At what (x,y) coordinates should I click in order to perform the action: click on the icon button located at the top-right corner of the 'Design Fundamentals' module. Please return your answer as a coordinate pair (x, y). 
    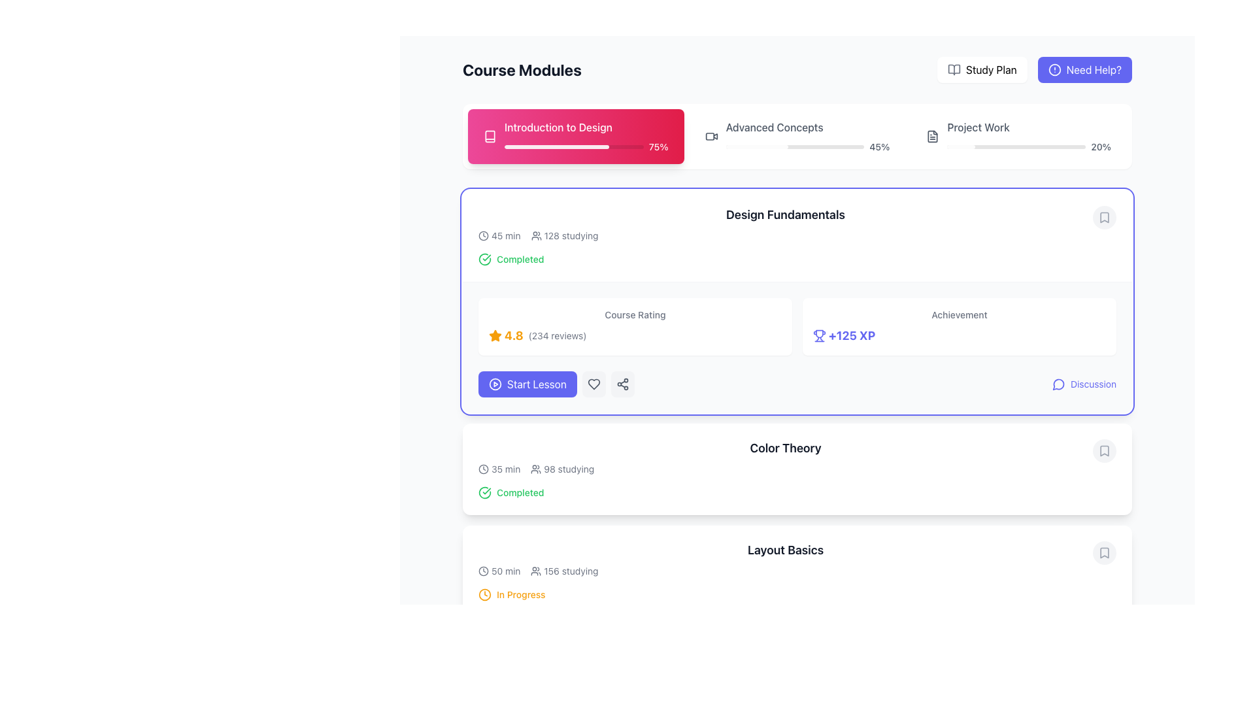
    Looking at the image, I should click on (1103, 216).